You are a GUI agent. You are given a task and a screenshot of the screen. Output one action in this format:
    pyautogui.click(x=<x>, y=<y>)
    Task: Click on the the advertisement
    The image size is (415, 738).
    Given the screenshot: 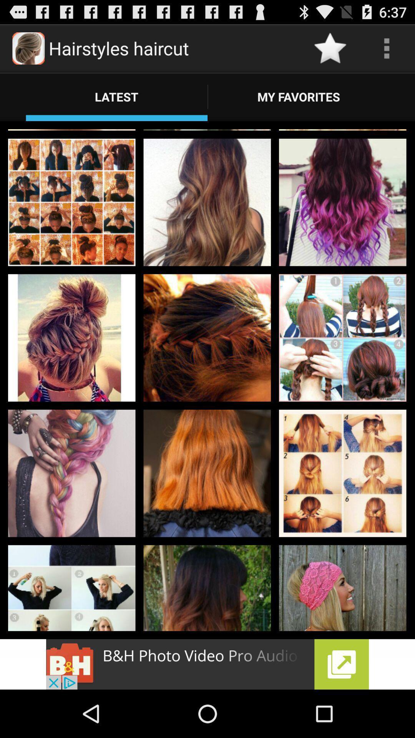 What is the action you would take?
    pyautogui.click(x=207, y=664)
    